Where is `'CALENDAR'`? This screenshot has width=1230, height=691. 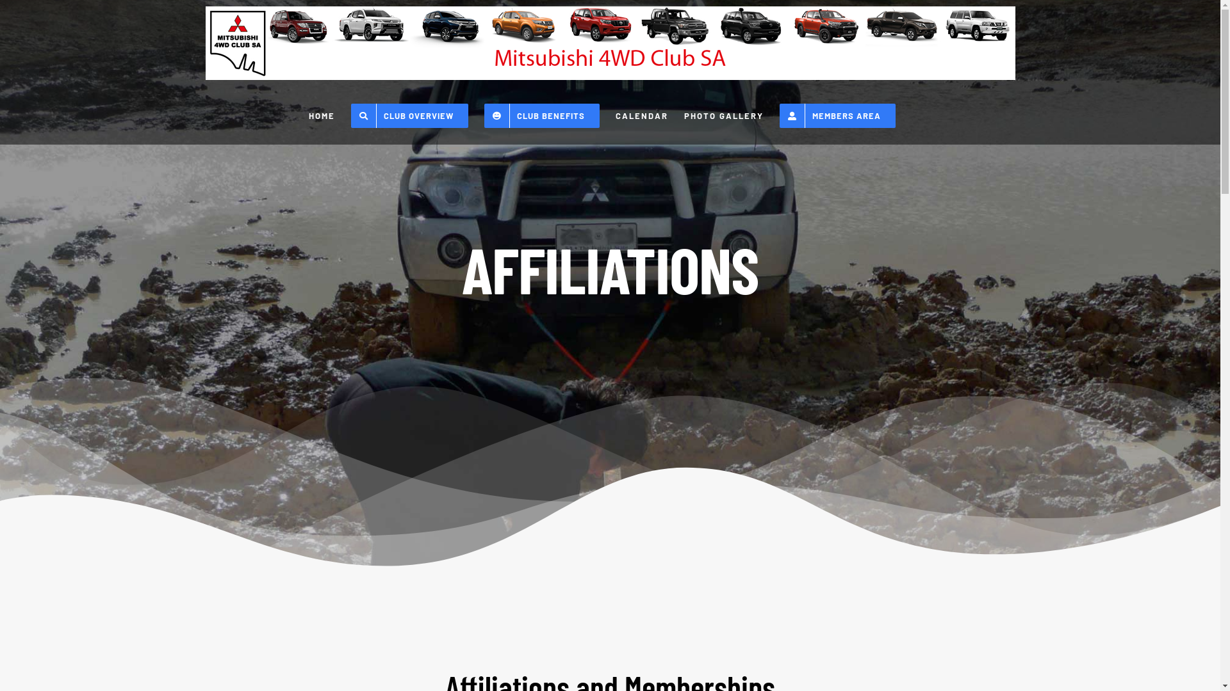
'CALENDAR' is located at coordinates (642, 116).